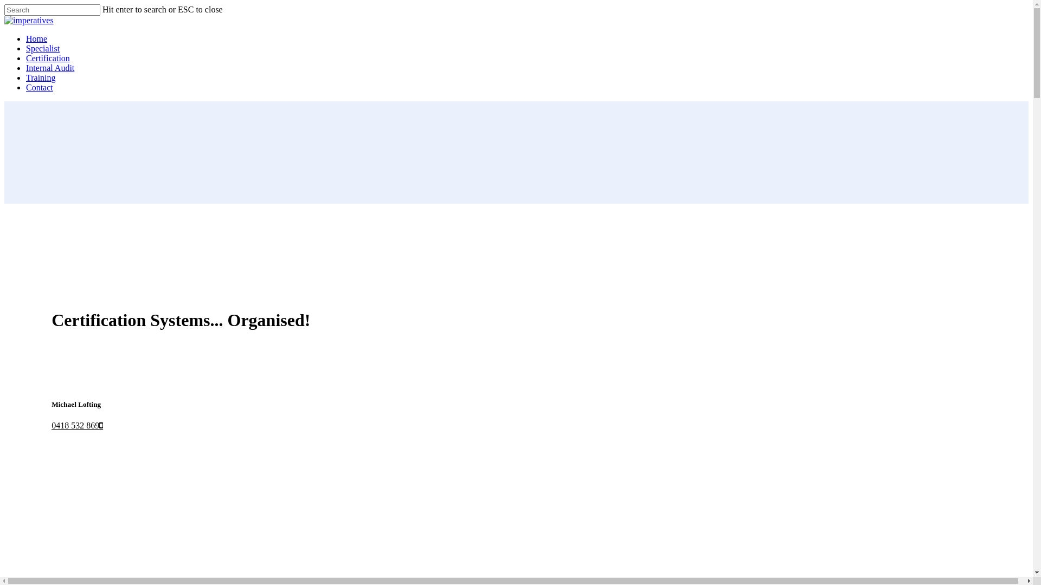  Describe the element at coordinates (26, 68) in the screenshot. I see `'Internal Audit'` at that location.